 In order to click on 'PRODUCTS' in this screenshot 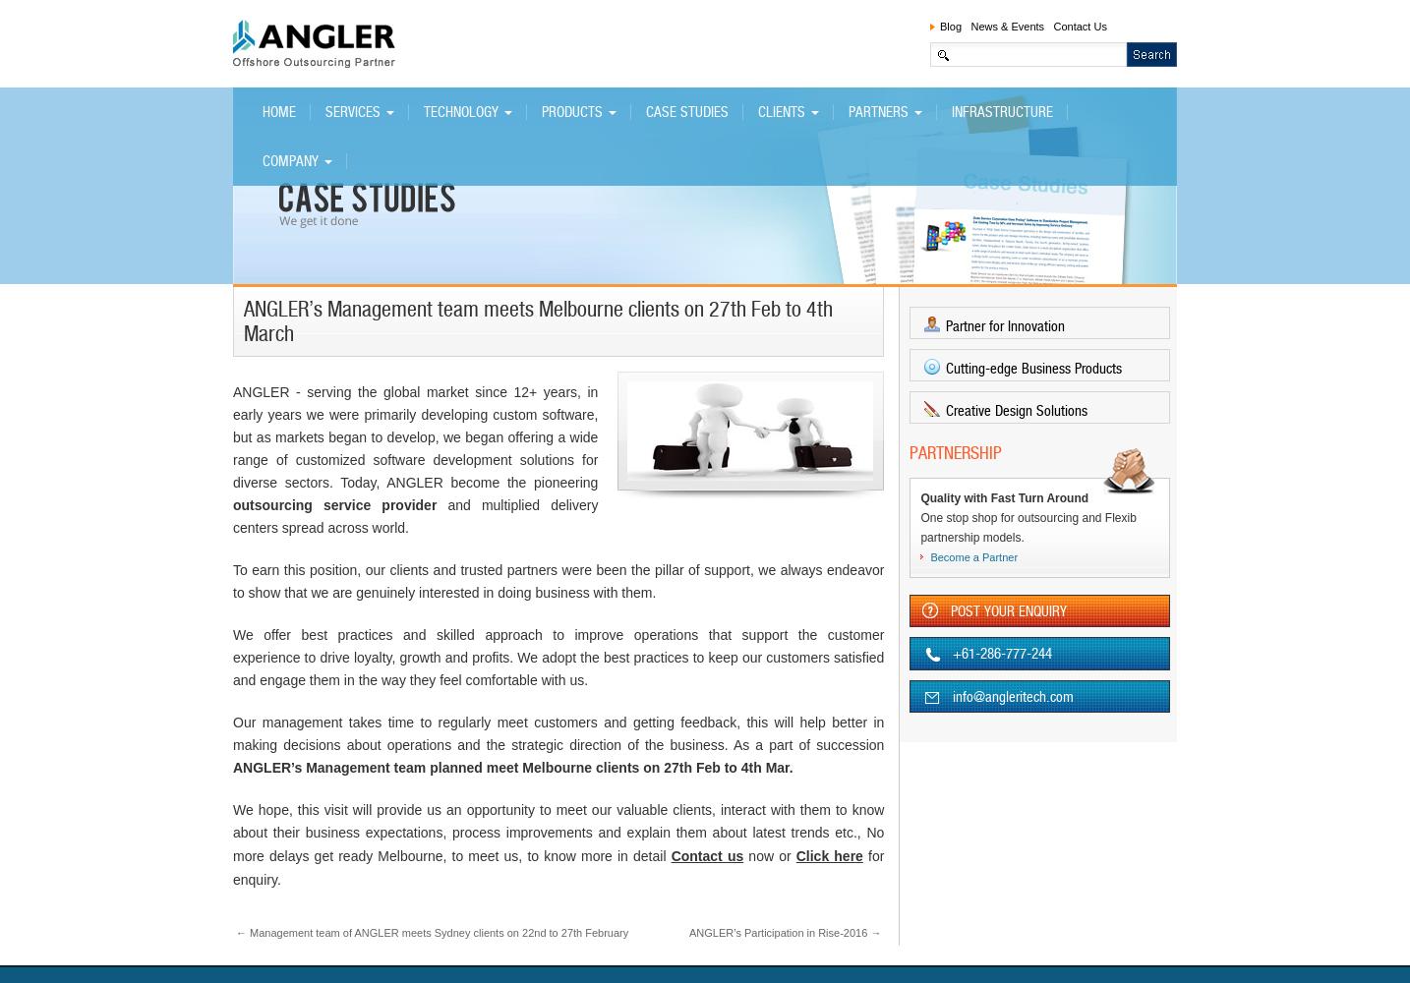, I will do `click(573, 110)`.